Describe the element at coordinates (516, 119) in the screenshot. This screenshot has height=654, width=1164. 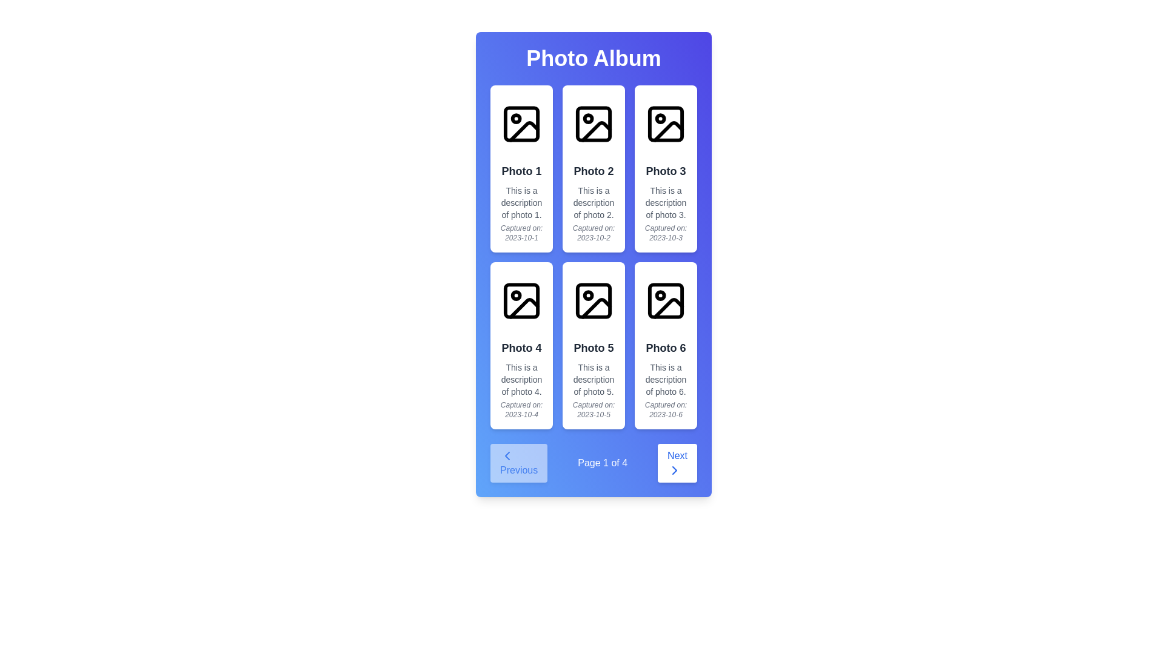
I see `SVG circle shape element located in the first photo card at the top-left of the interface using developer tools` at that location.